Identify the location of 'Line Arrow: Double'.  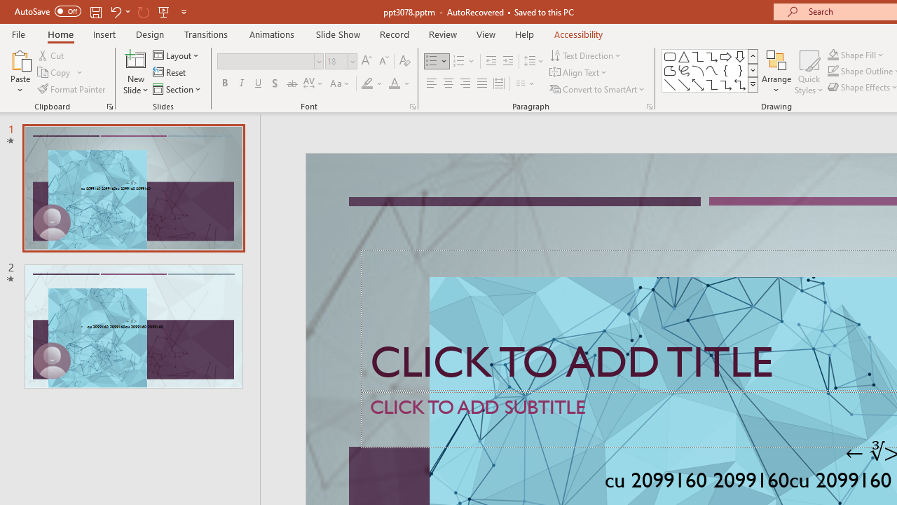
(697, 84).